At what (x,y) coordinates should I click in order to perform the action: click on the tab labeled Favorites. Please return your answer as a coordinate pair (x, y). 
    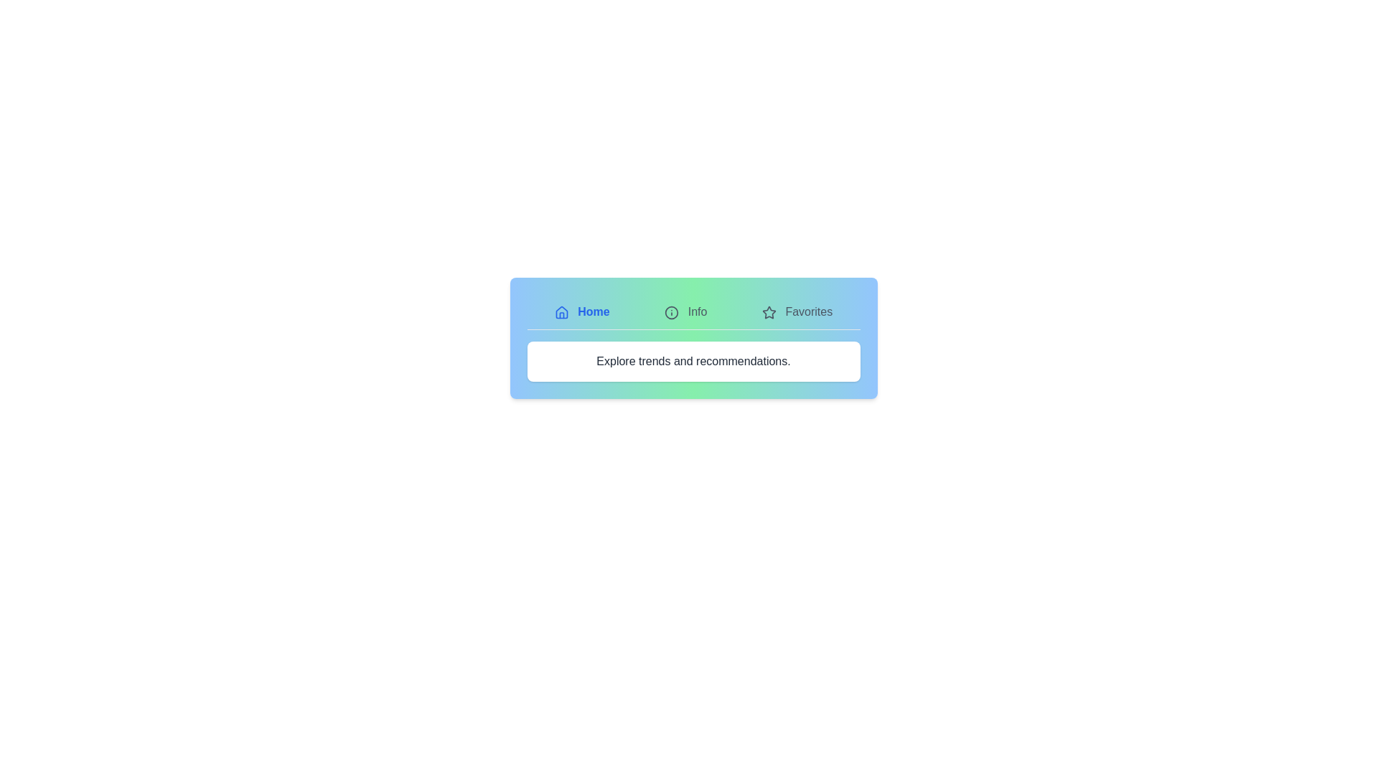
    Looking at the image, I should click on (796, 311).